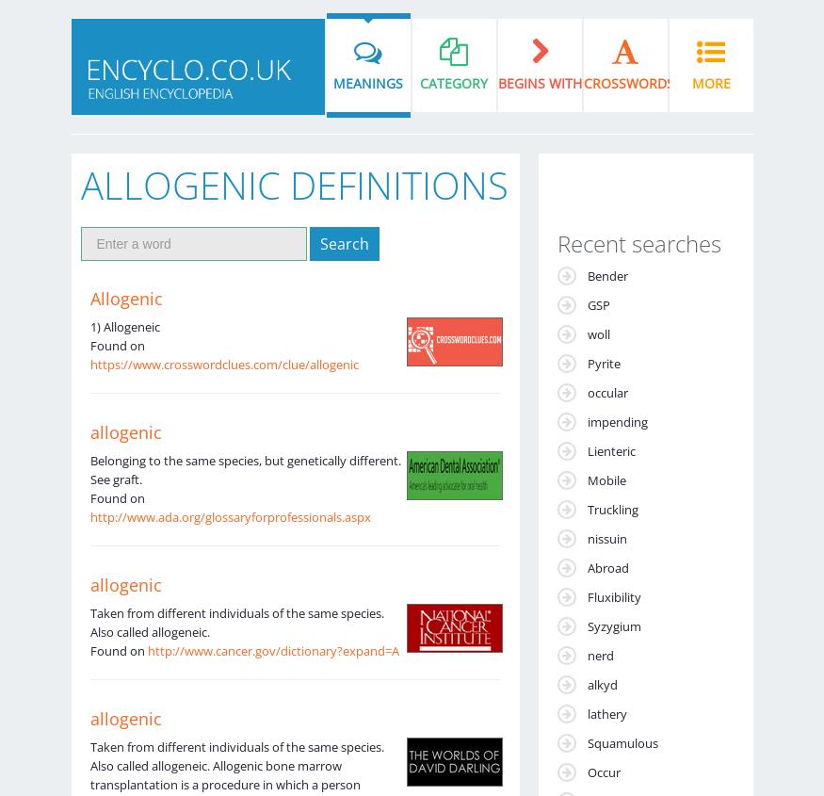 The image size is (824, 796). I want to click on 'woll', so click(596, 332).